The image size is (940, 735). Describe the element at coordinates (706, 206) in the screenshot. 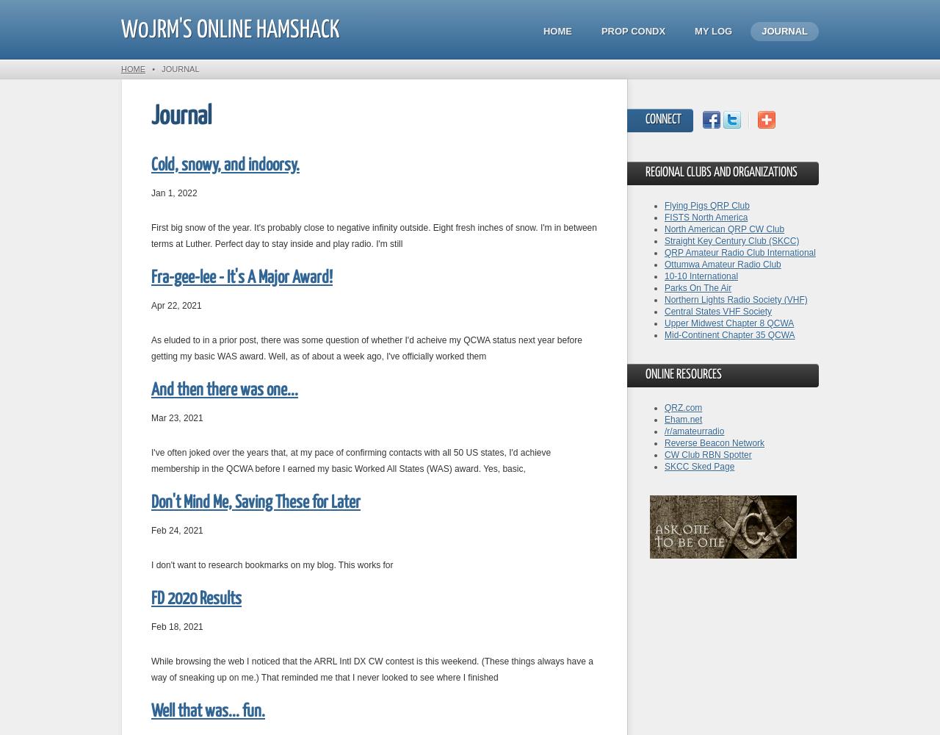

I see `'Flying Pigs QRP Club'` at that location.